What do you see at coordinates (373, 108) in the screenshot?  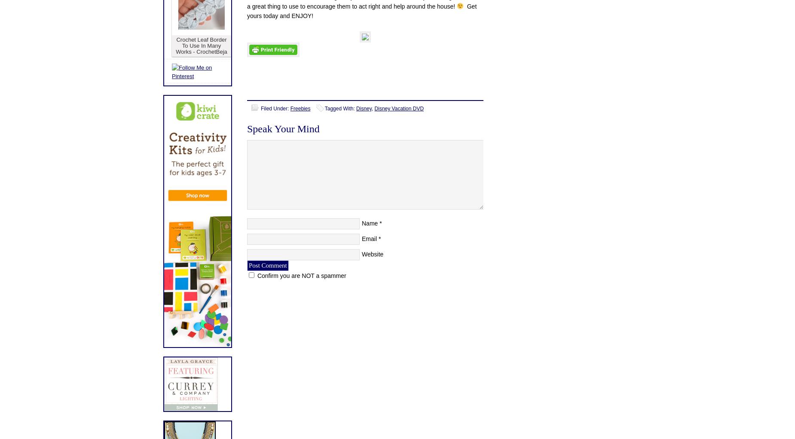 I see `','` at bounding box center [373, 108].